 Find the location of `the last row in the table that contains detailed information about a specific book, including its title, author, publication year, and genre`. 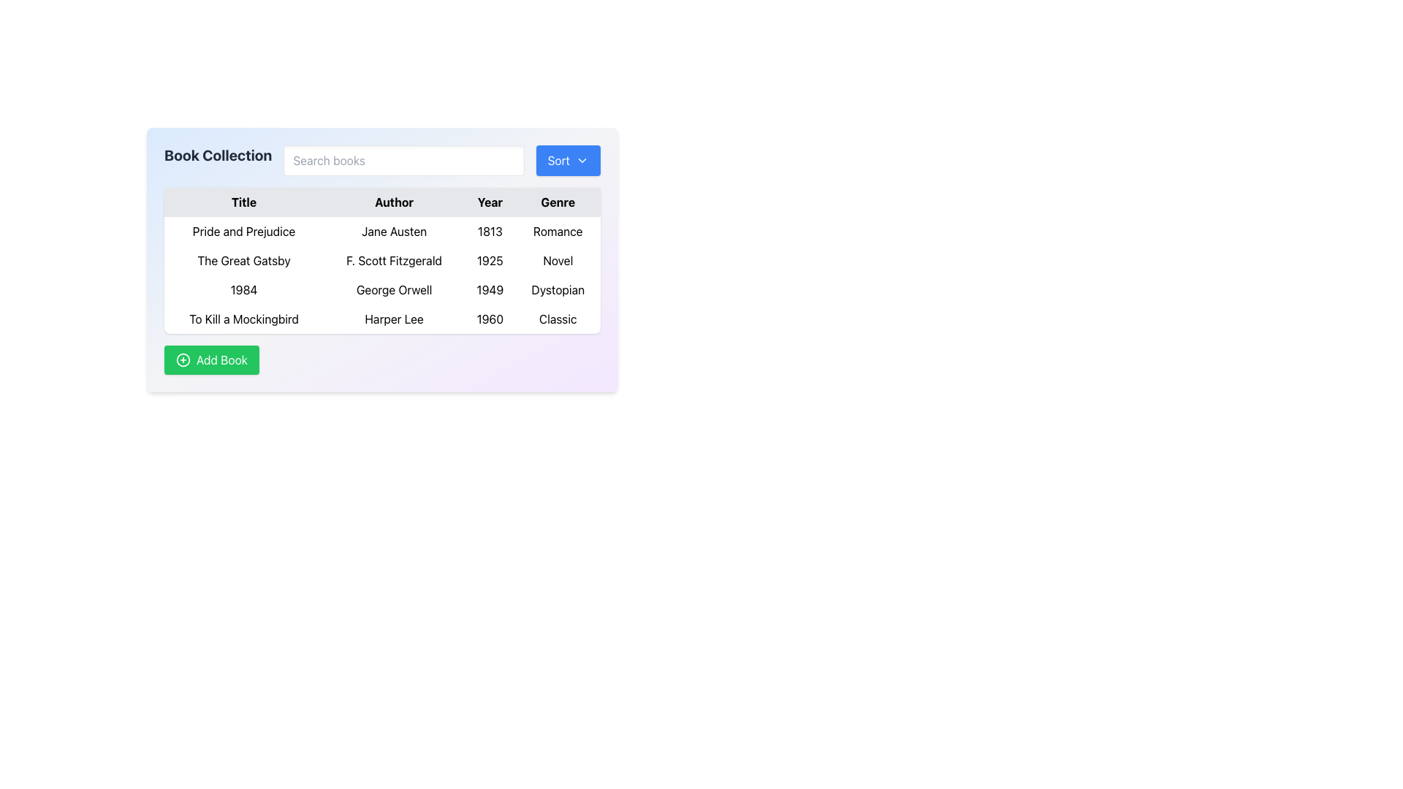

the last row in the table that contains detailed information about a specific book, including its title, author, publication year, and genre is located at coordinates (382, 318).